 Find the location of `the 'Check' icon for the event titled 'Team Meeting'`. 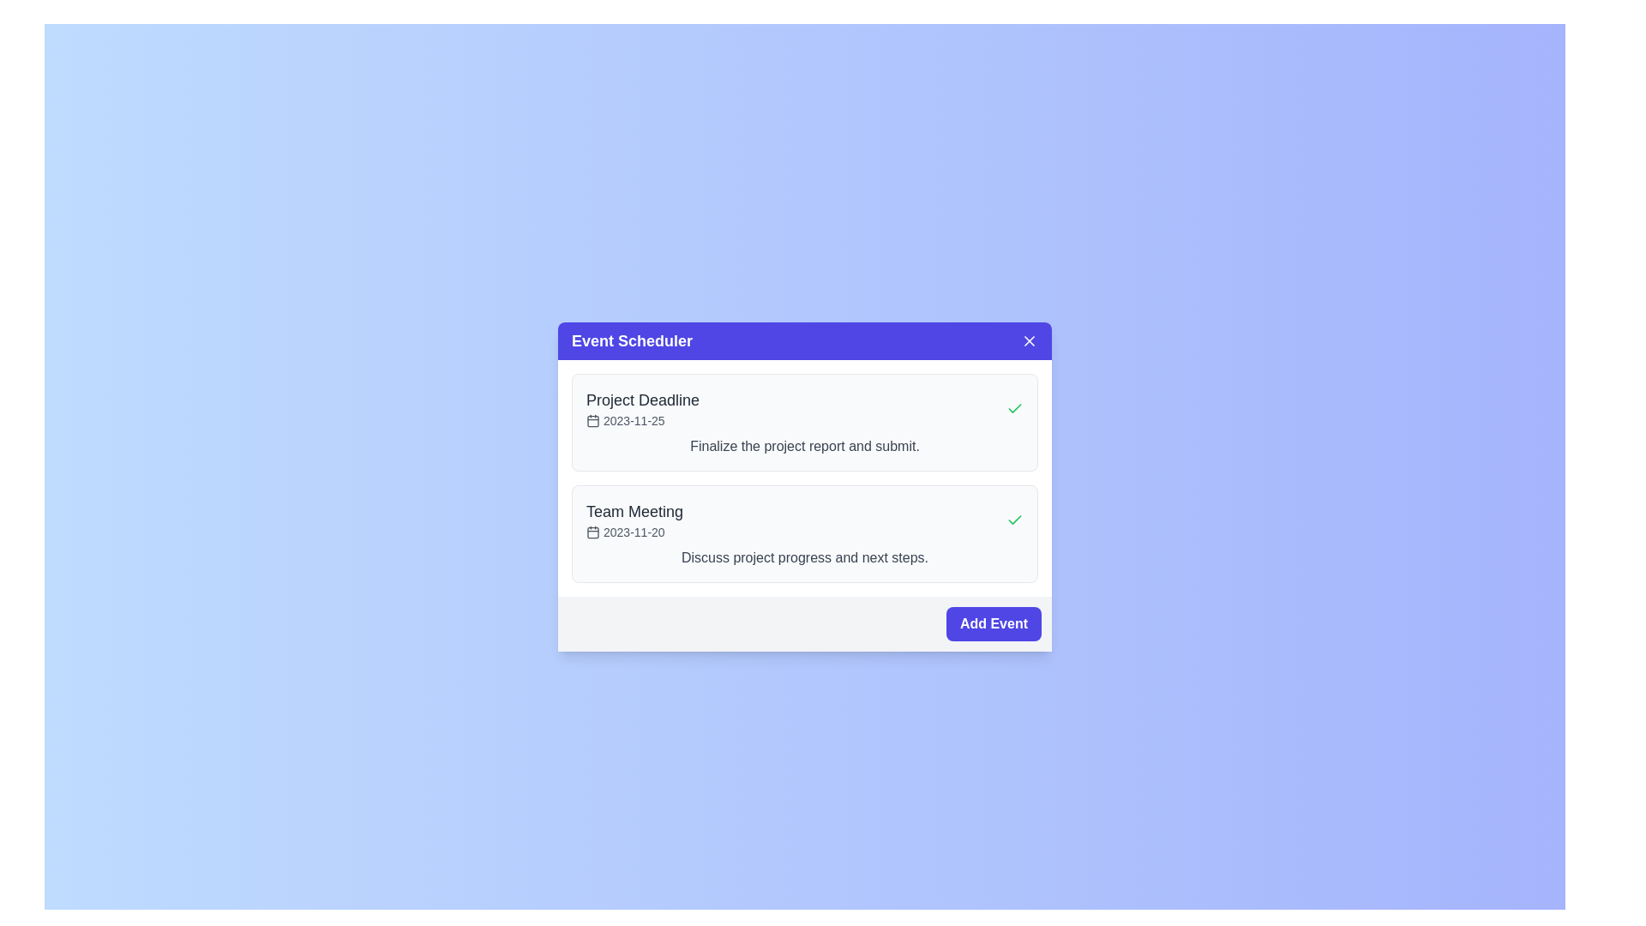

the 'Check' icon for the event titled 'Team Meeting' is located at coordinates (1015, 519).